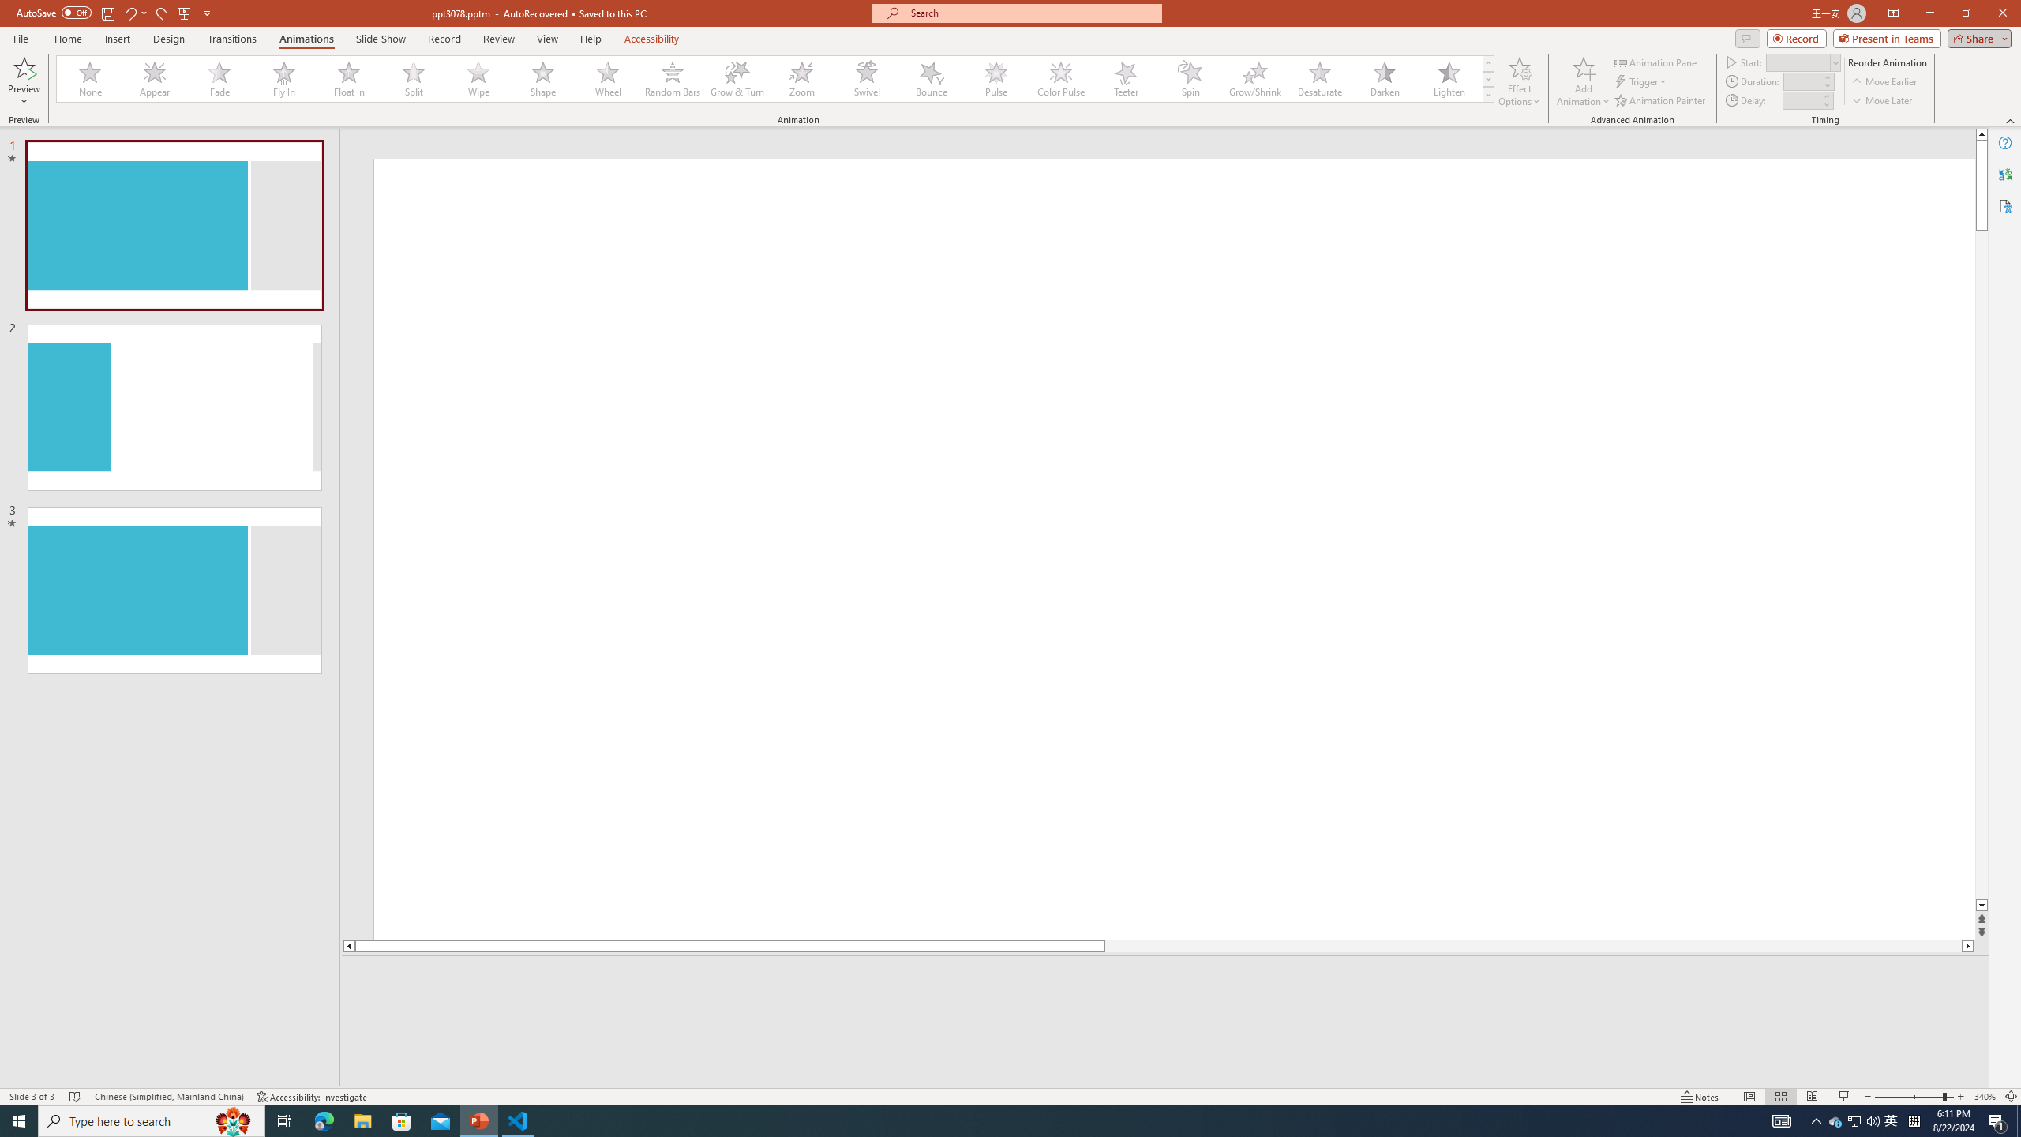  Describe the element at coordinates (1657, 62) in the screenshot. I see `'Animation Pane'` at that location.